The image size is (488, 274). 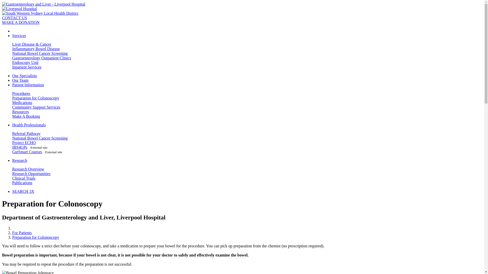 I want to click on 'Community Support Services', so click(x=36, y=107).